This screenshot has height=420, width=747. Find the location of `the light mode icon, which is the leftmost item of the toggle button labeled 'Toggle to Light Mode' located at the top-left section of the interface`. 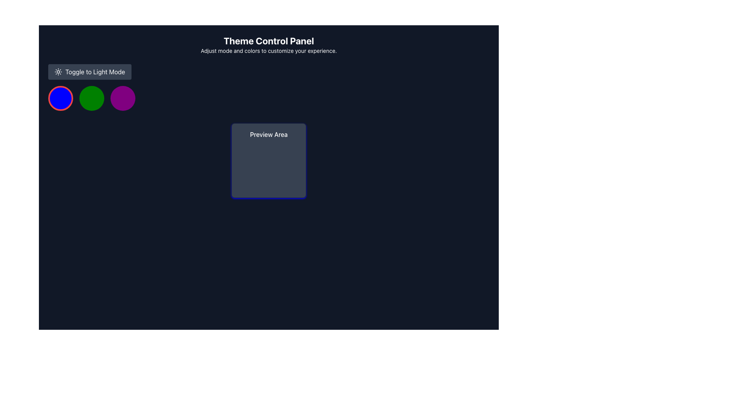

the light mode icon, which is the leftmost item of the toggle button labeled 'Toggle to Light Mode' located at the top-left section of the interface is located at coordinates (58, 72).